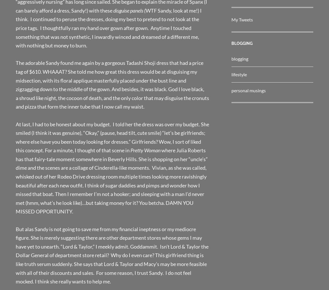  Describe the element at coordinates (130, 150) in the screenshot. I see `'Pretty Woman'` at that location.